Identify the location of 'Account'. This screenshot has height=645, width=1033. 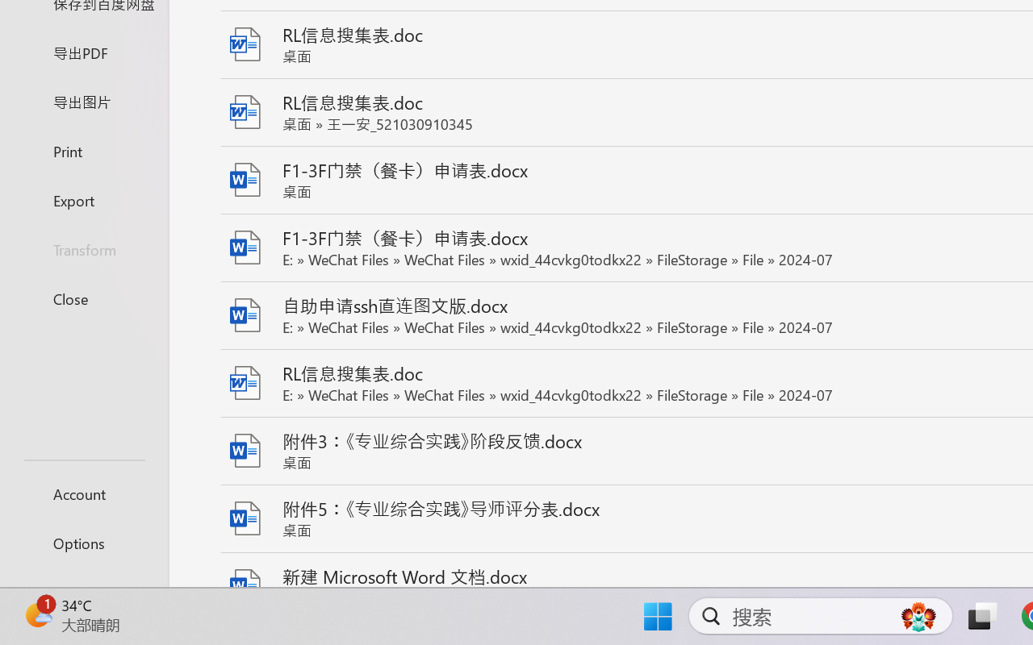
(83, 493).